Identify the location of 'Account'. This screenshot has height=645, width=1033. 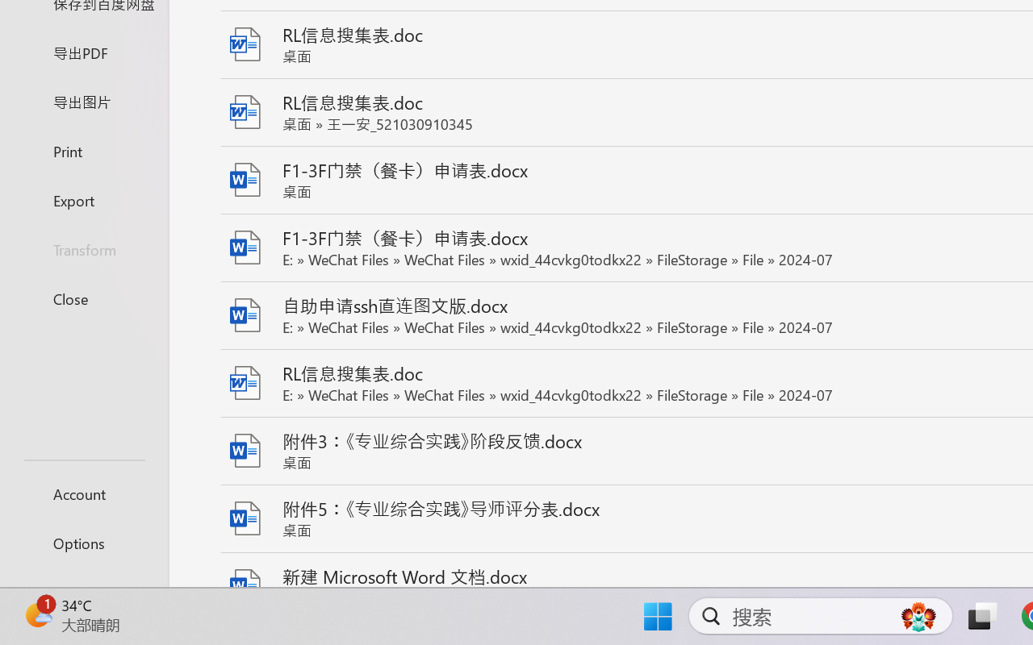
(83, 493).